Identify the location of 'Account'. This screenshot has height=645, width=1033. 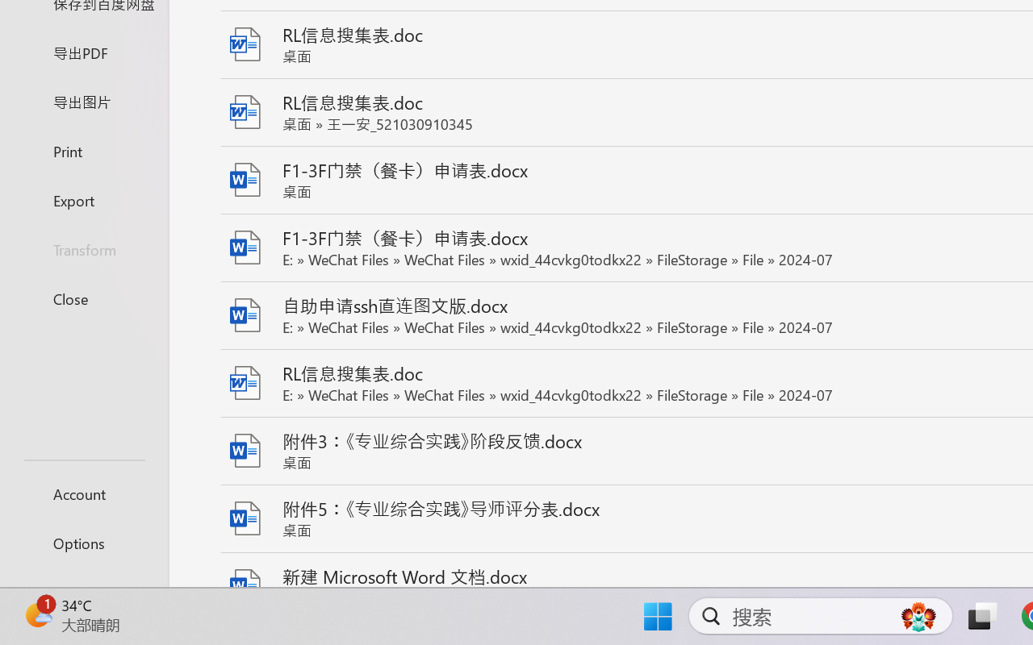
(83, 493).